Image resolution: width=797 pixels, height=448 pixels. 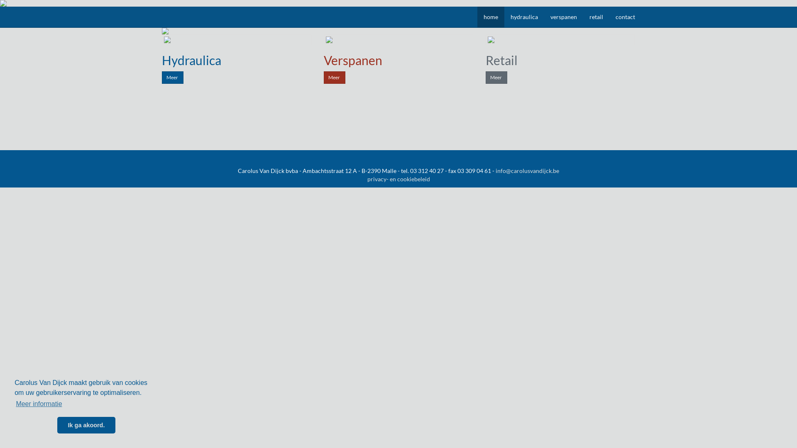 I want to click on 'Hydraulica', so click(x=191, y=60).